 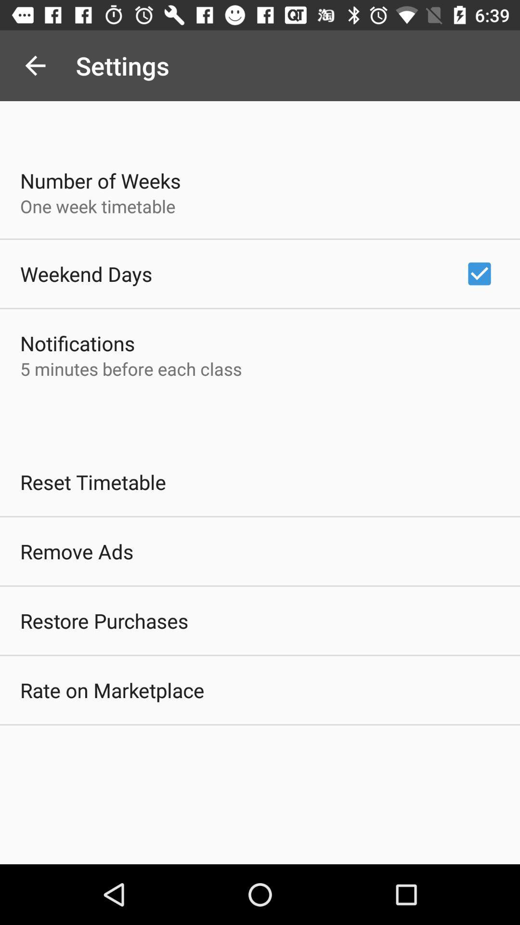 I want to click on icon below the weekend days, so click(x=77, y=343).